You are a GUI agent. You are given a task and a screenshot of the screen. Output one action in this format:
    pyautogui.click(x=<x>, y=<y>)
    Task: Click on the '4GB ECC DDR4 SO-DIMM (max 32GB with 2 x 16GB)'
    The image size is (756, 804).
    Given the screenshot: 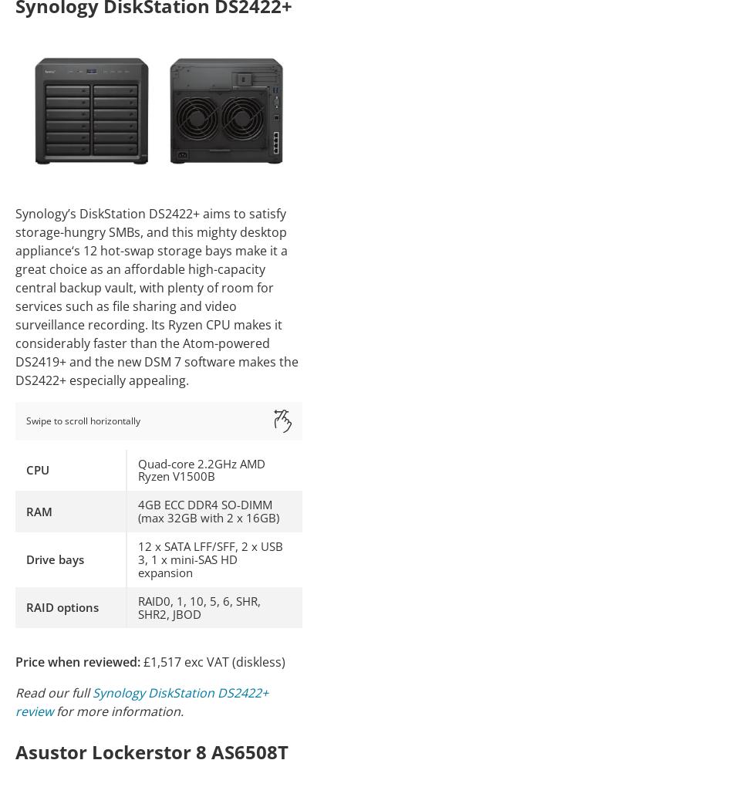 What is the action you would take?
    pyautogui.click(x=138, y=511)
    